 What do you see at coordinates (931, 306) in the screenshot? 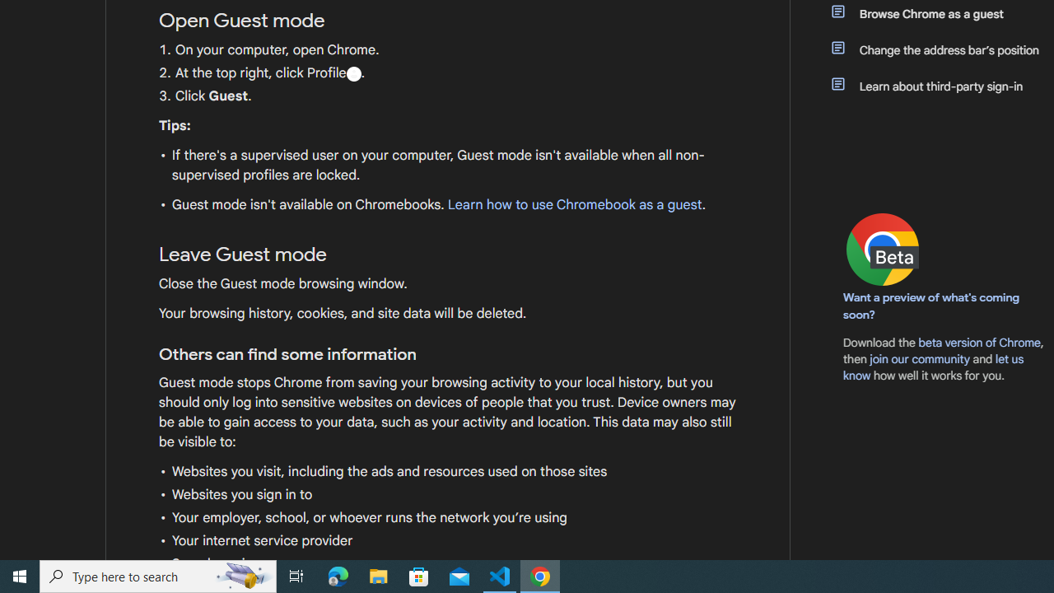
I see `'Want a preview of what'` at bounding box center [931, 306].